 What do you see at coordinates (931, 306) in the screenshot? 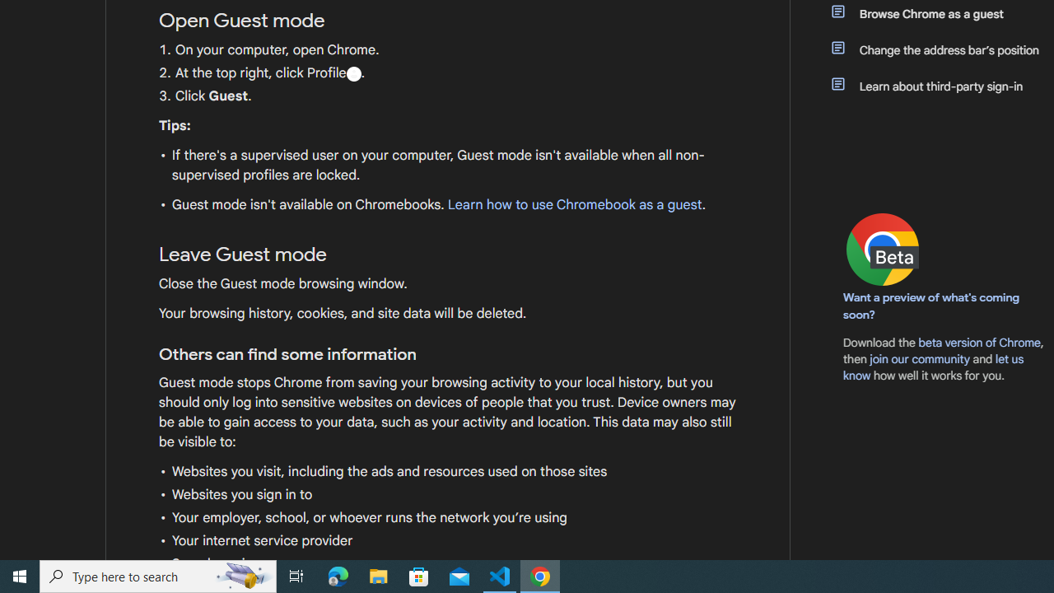
I see `'Want a preview of what'` at bounding box center [931, 306].